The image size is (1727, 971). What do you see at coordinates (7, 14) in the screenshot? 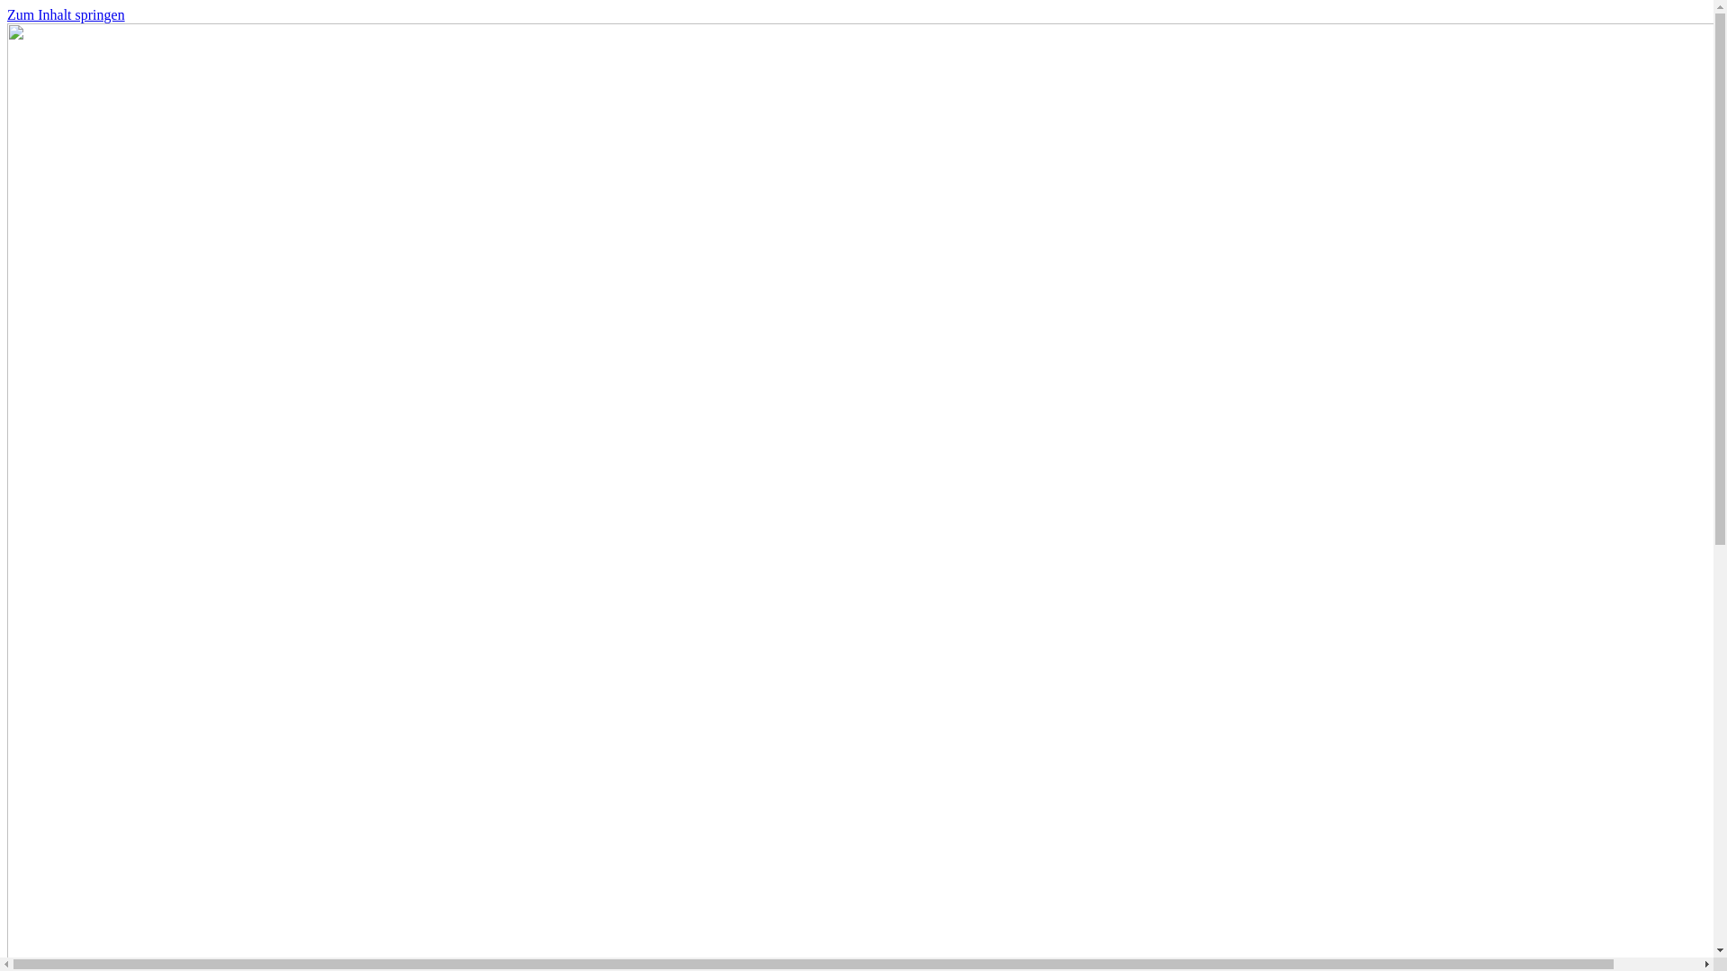
I see `'Zum Inhalt springen'` at bounding box center [7, 14].